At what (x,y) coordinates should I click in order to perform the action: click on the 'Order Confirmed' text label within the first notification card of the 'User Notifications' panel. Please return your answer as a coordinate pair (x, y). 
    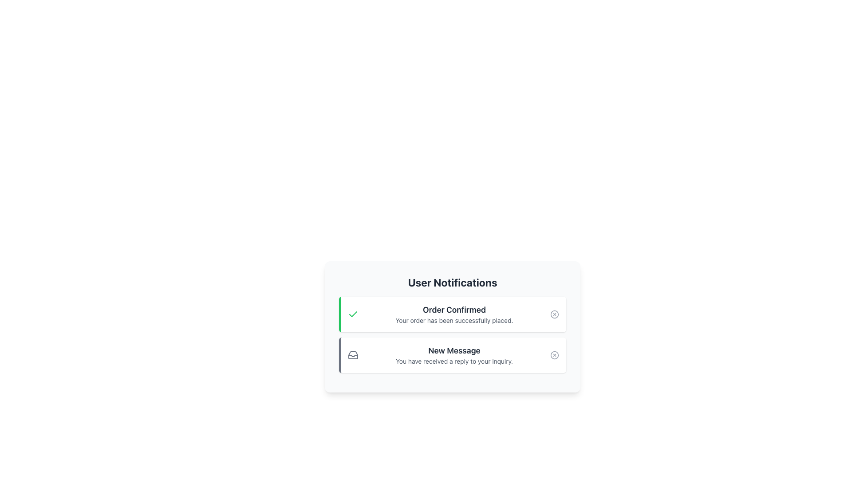
    Looking at the image, I should click on (454, 309).